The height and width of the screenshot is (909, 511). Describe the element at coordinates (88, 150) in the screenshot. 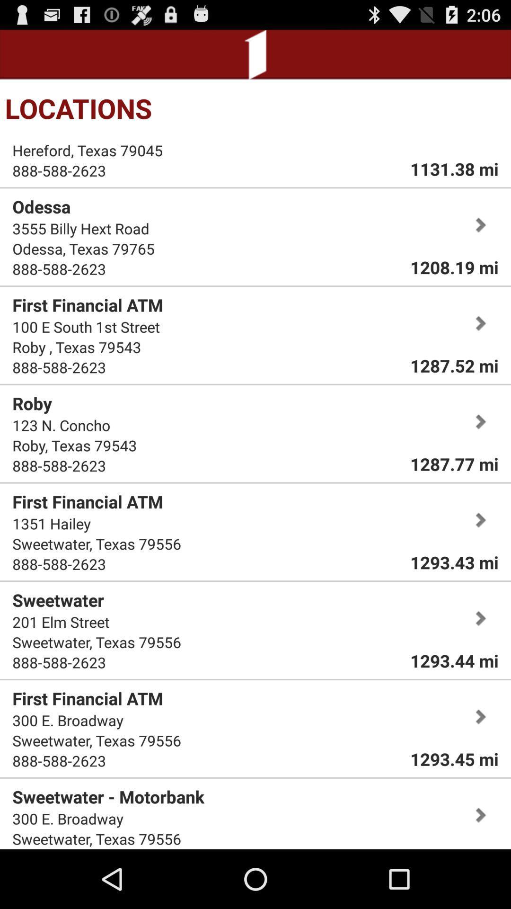

I see `app below the 205 e 1st app` at that location.